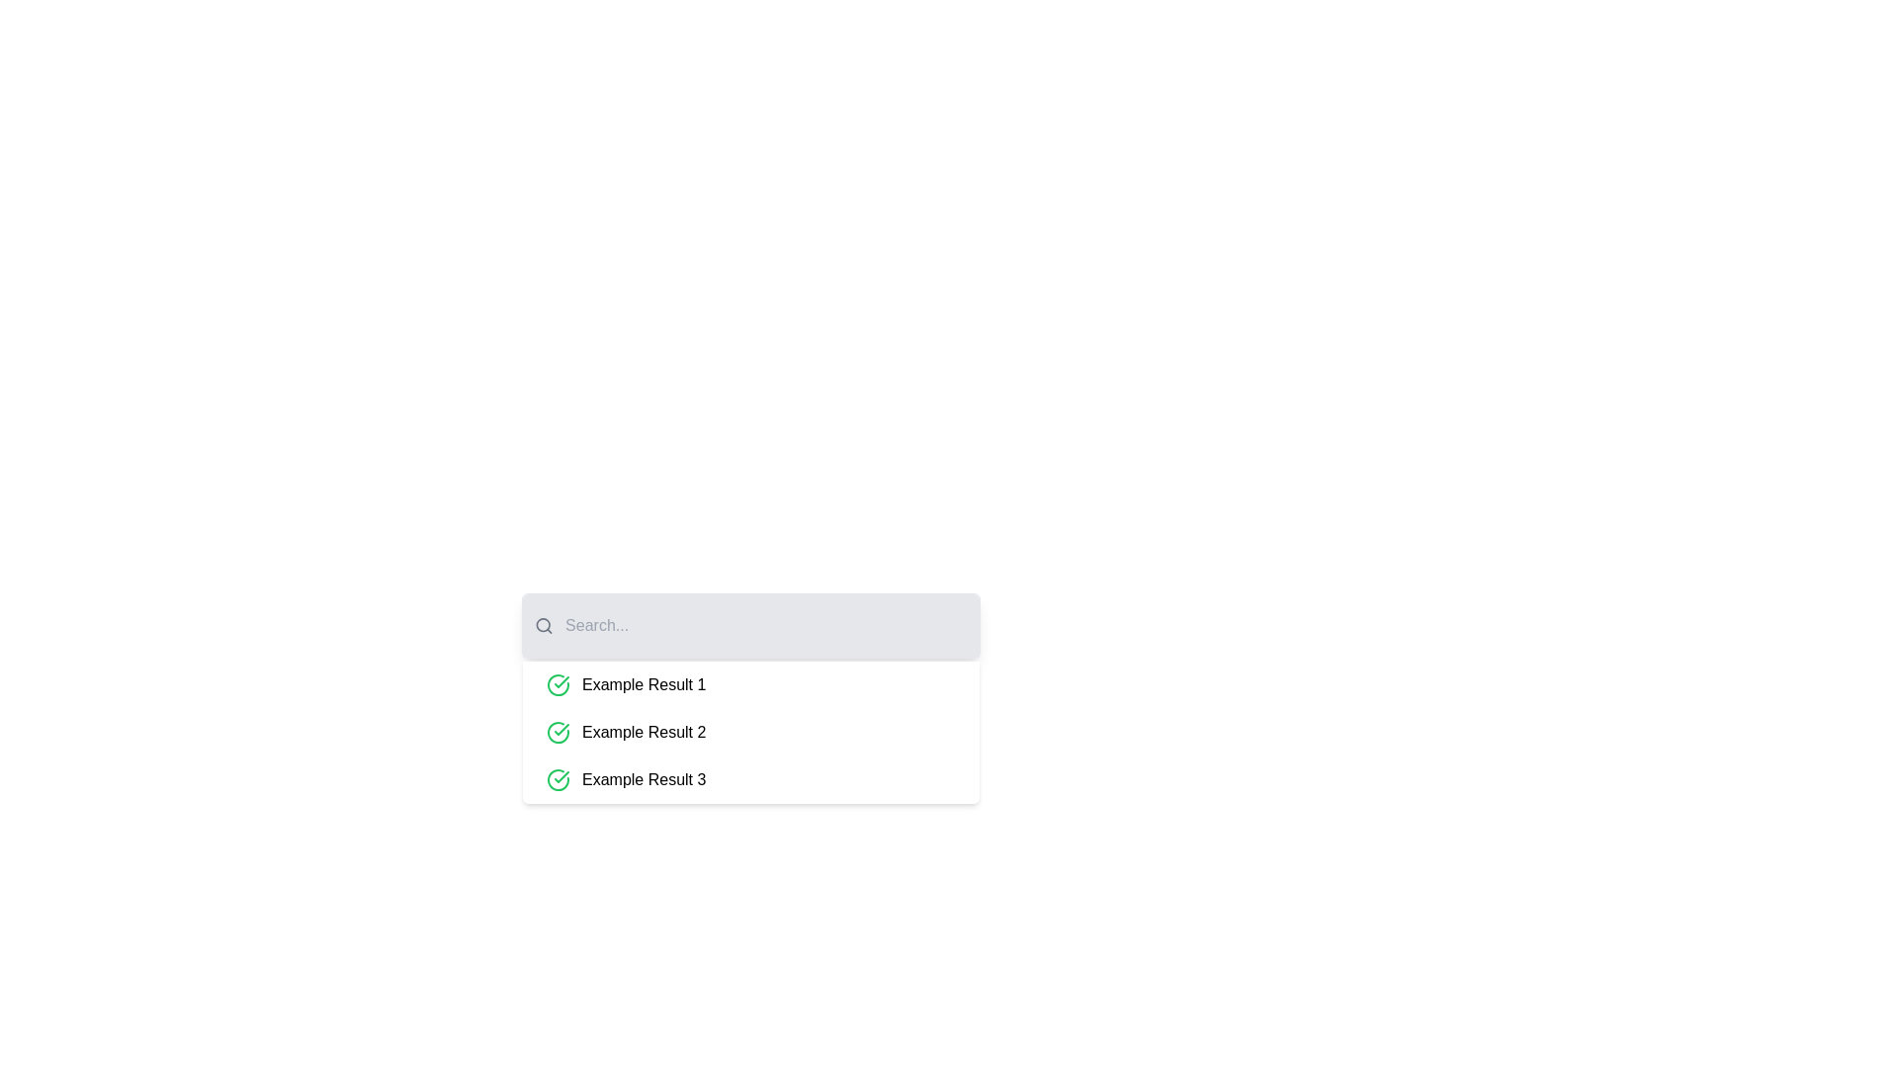 This screenshot has height=1068, width=1898. Describe the element at coordinates (561, 729) in the screenshot. I see `the graphical checkmark icon within the green indicator icon, which is located in the second result item of the search results list` at that location.